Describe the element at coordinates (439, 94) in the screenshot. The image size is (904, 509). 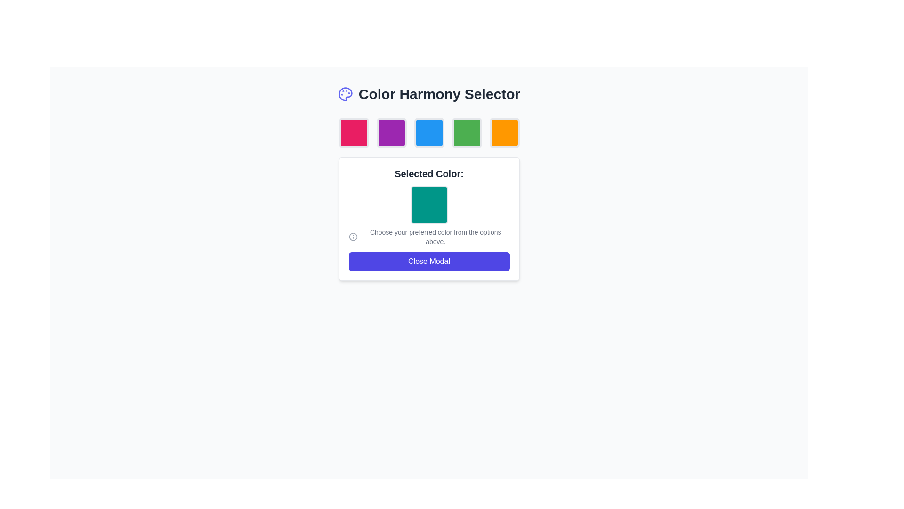
I see `bold title text 'Color Harmony Selector' located at the top-center of the interface, following the palette icon` at that location.